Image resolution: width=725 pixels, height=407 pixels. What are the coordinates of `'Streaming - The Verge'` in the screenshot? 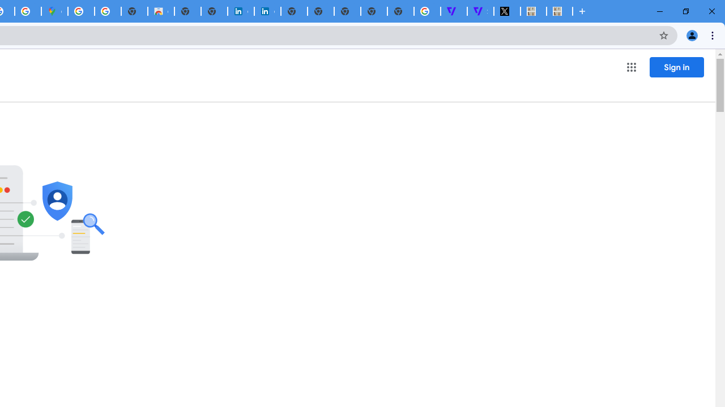 It's located at (480, 11).